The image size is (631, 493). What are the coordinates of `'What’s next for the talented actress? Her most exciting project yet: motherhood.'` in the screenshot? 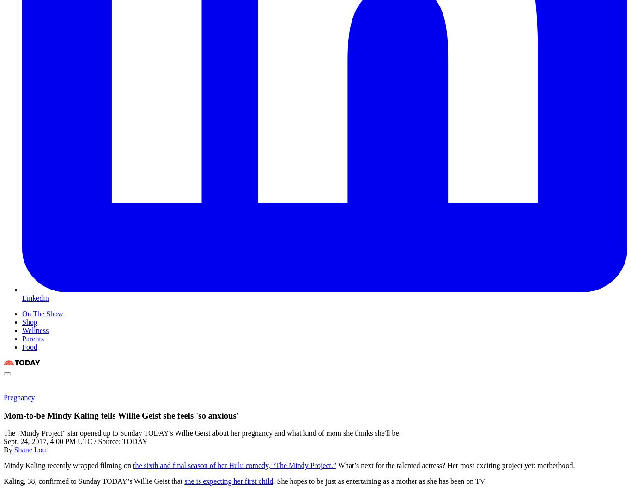 It's located at (455, 465).